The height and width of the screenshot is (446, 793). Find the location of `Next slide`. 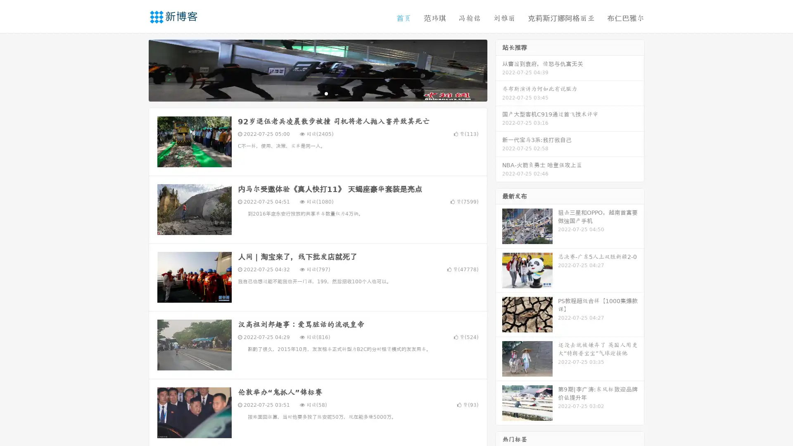

Next slide is located at coordinates (499, 69).